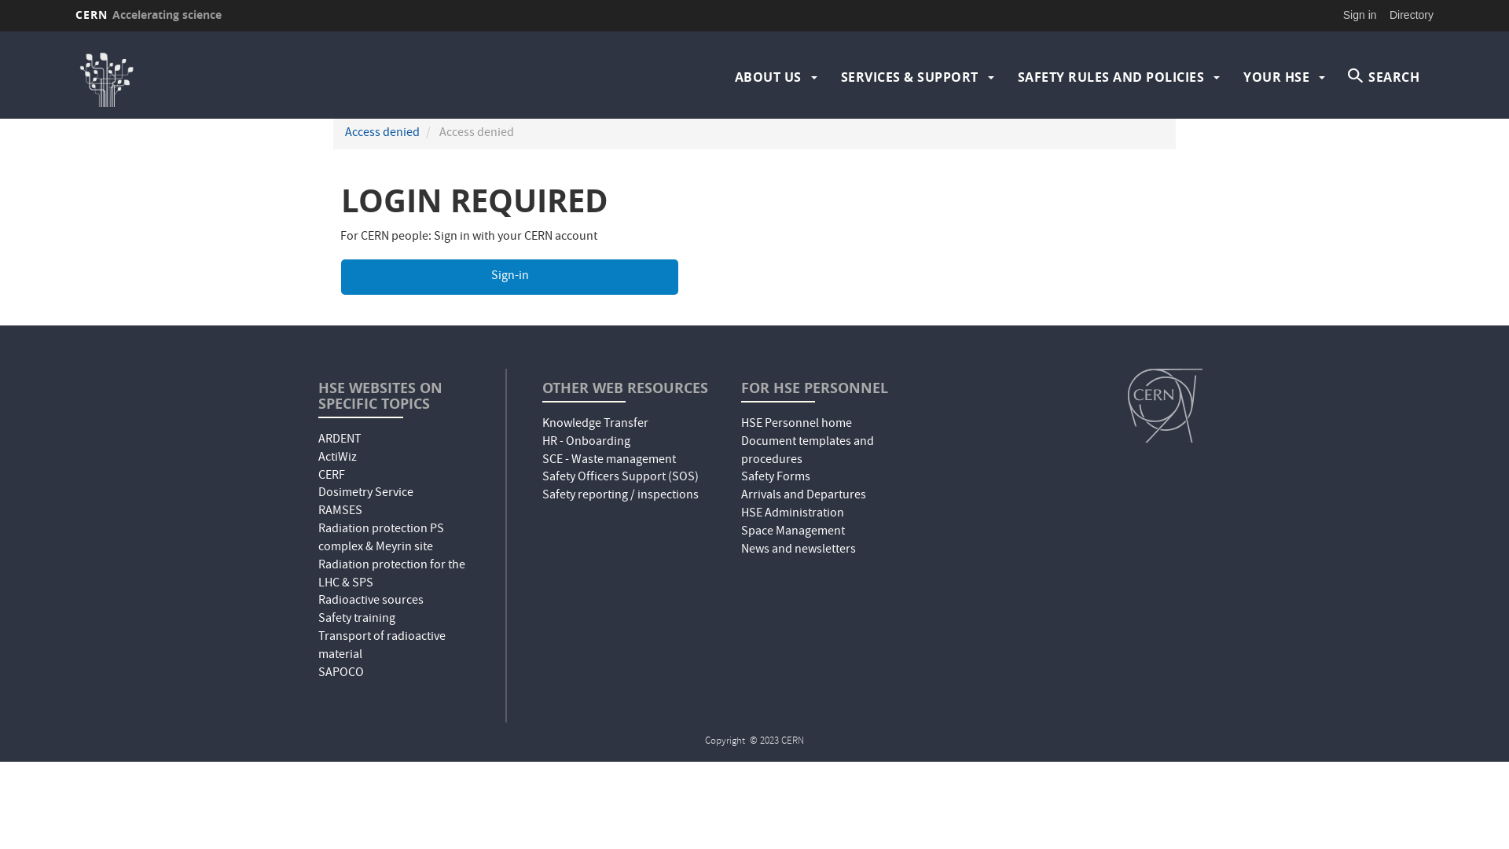 The width and height of the screenshot is (1509, 849). Describe the element at coordinates (585, 443) in the screenshot. I see `'HR - Onboarding'` at that location.